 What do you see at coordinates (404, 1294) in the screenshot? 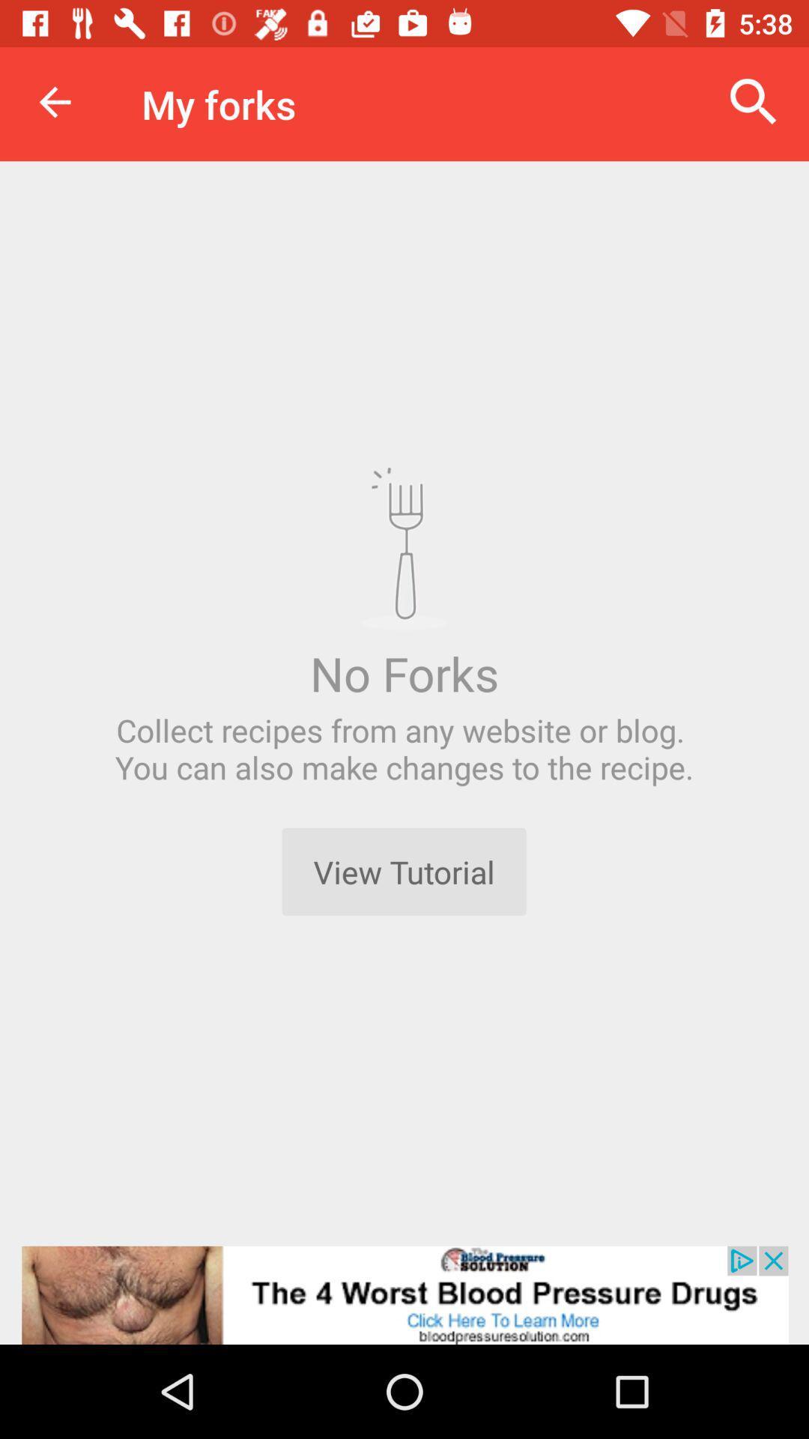
I see `advertisement` at bounding box center [404, 1294].